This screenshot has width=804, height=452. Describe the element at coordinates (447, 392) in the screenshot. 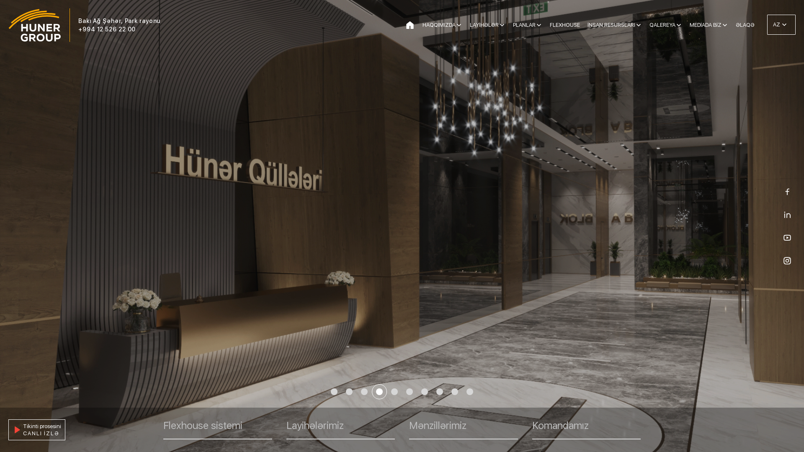

I see `'9'` at that location.